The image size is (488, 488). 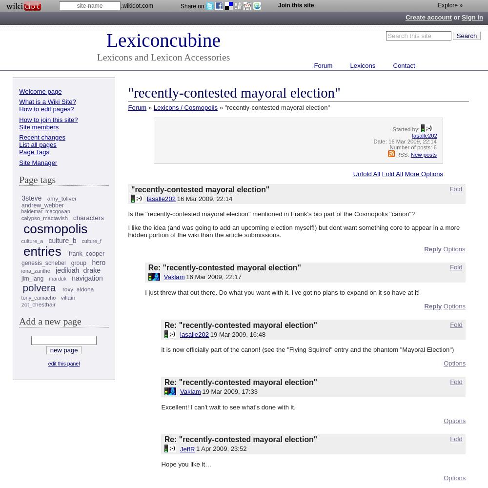 What do you see at coordinates (32, 278) in the screenshot?
I see `'jim_lang'` at bounding box center [32, 278].